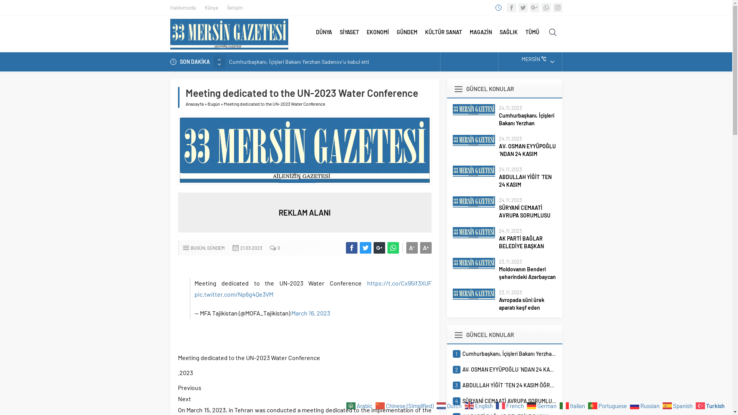 The image size is (738, 415). What do you see at coordinates (534, 7) in the screenshot?
I see `'Google'` at bounding box center [534, 7].